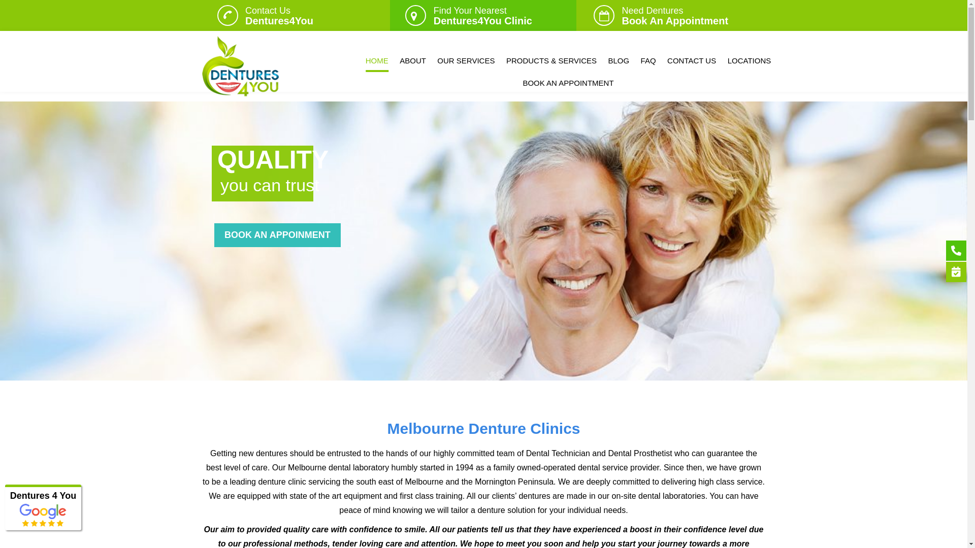 The width and height of the screenshot is (975, 548). I want to click on 'LOCATIONS', so click(750, 60).